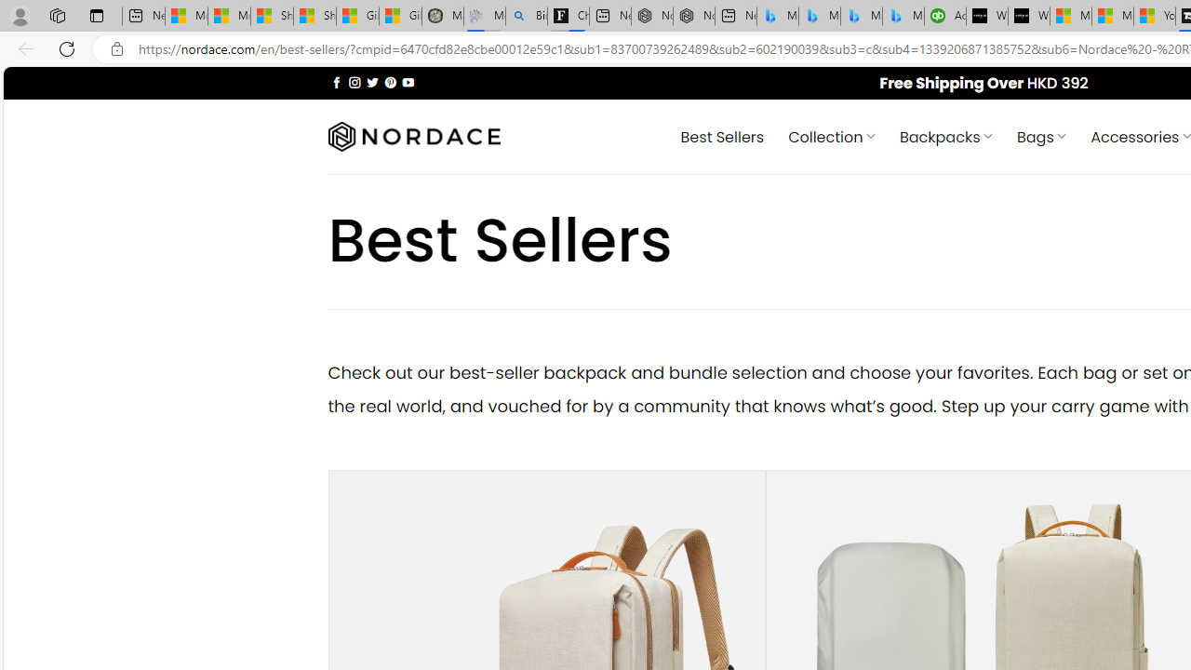  Describe the element at coordinates (412, 136) in the screenshot. I see `'Nordace'` at that location.